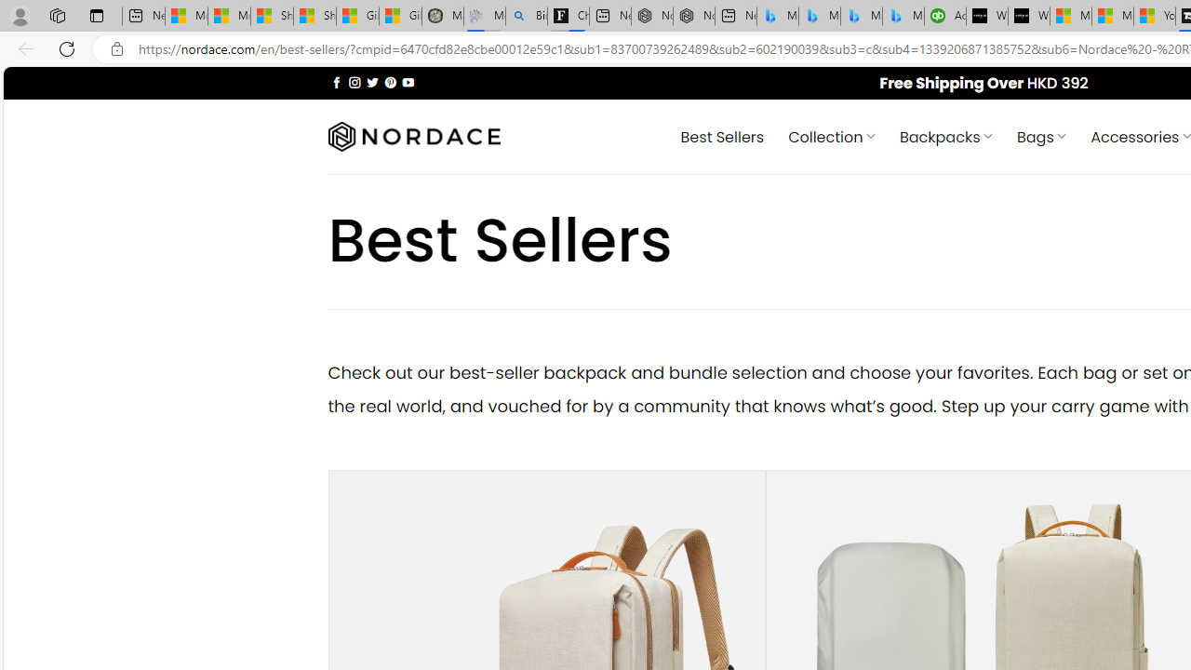  Describe the element at coordinates (412, 136) in the screenshot. I see `'Nordace'` at that location.